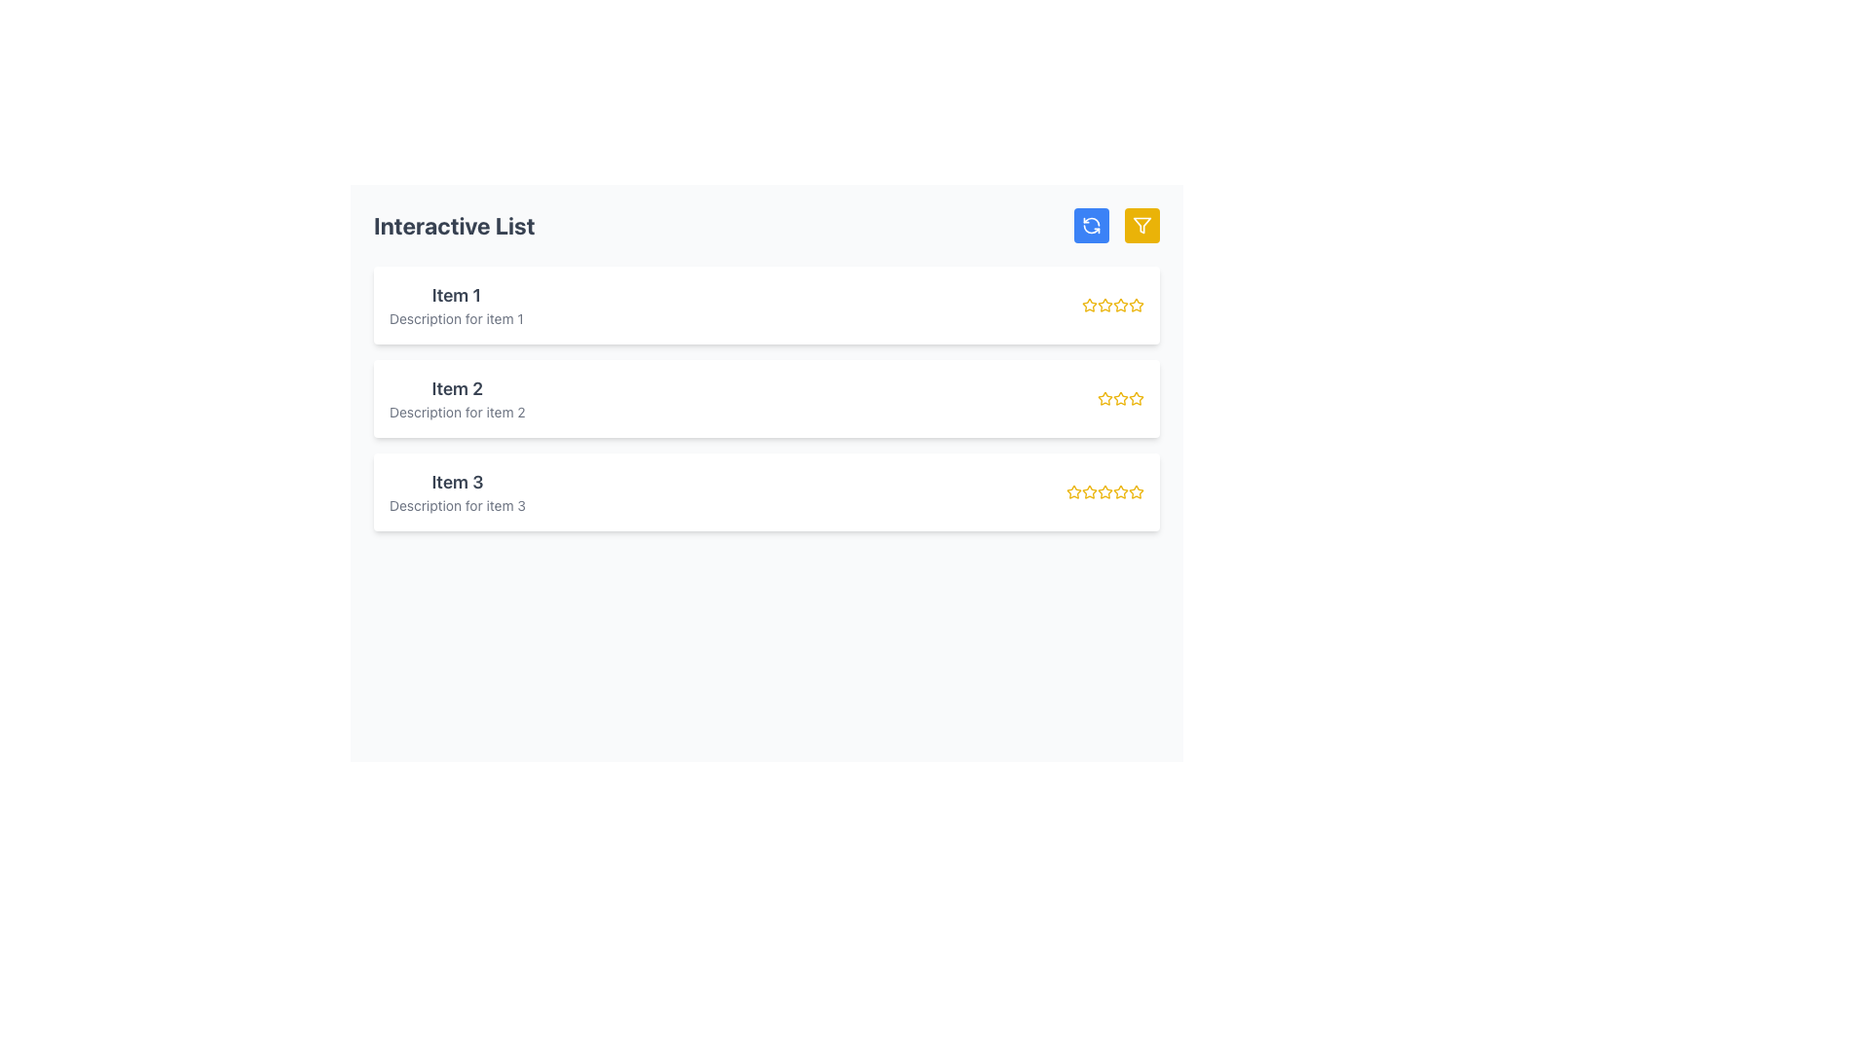  What do you see at coordinates (1136, 397) in the screenshot?
I see `the second star icon in the rating section for the second item in the list, which indicates a specific rating selection` at bounding box center [1136, 397].